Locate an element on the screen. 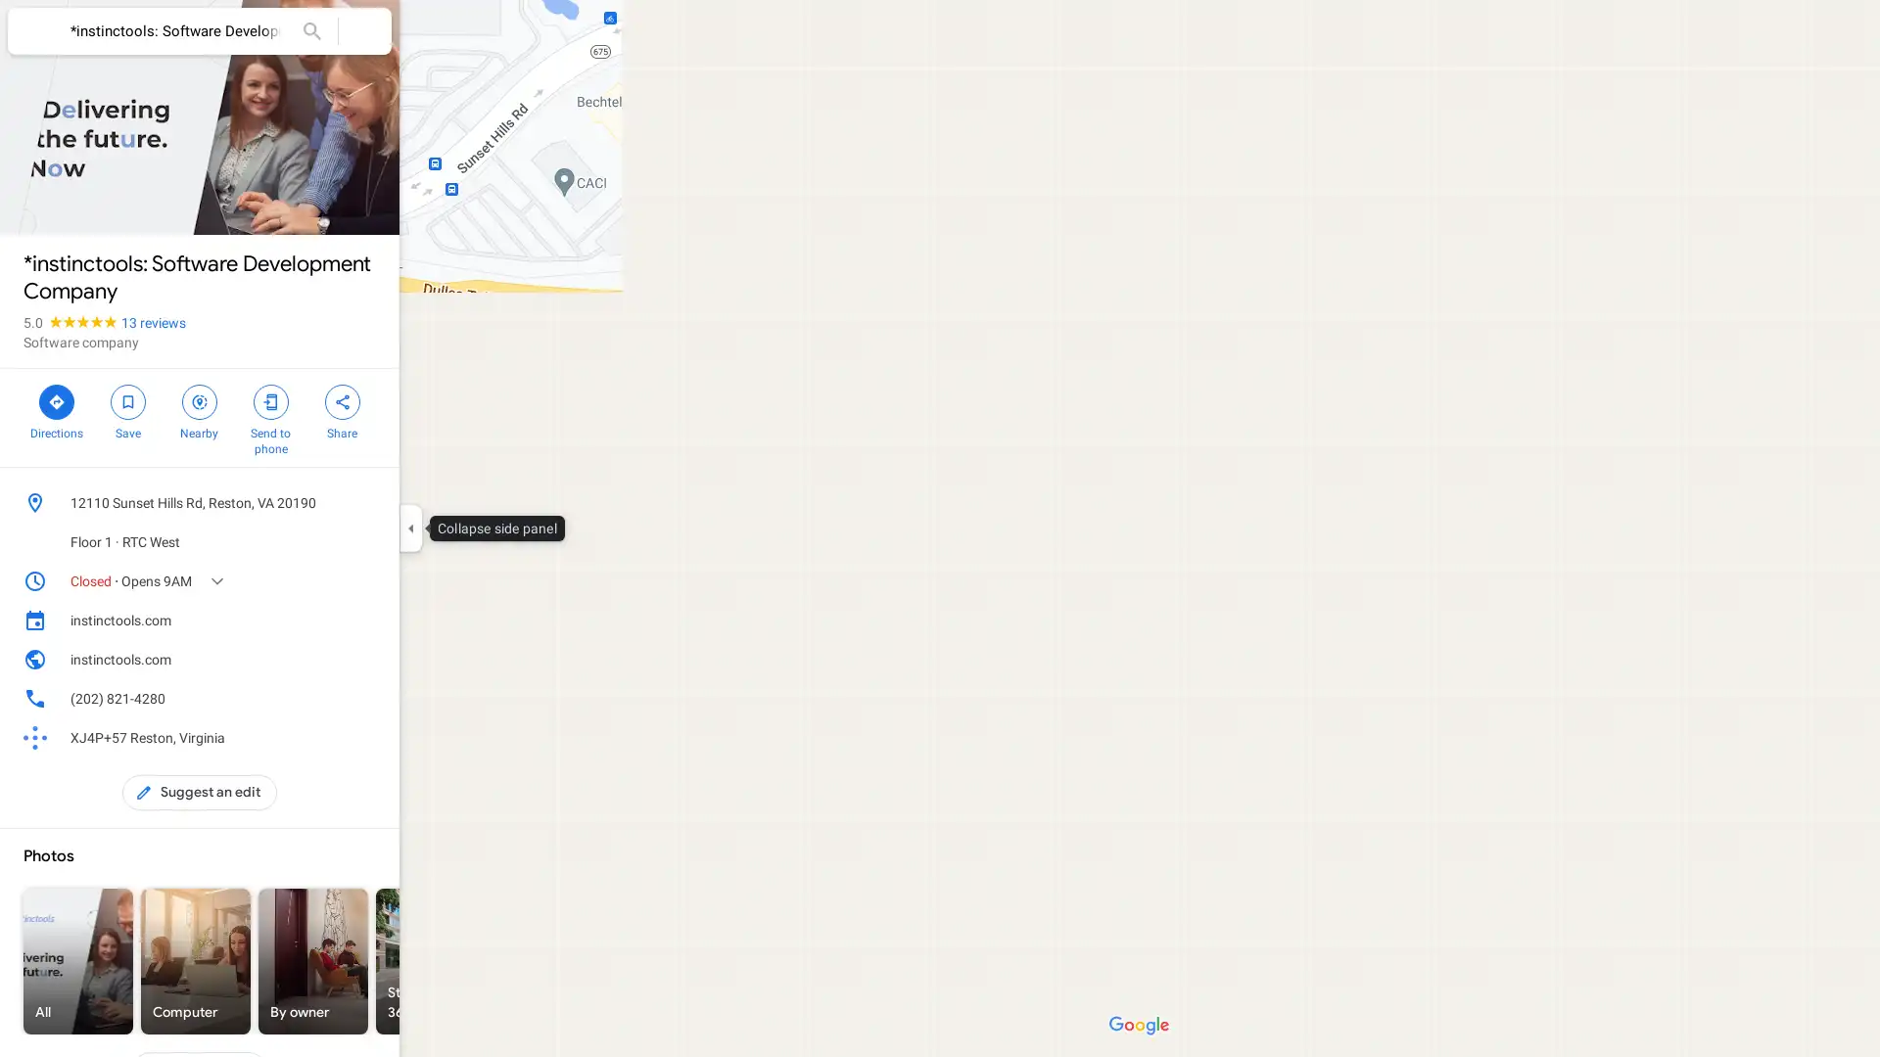  Send *instinctools: Software Development Company to your phone is located at coordinates (269, 417).